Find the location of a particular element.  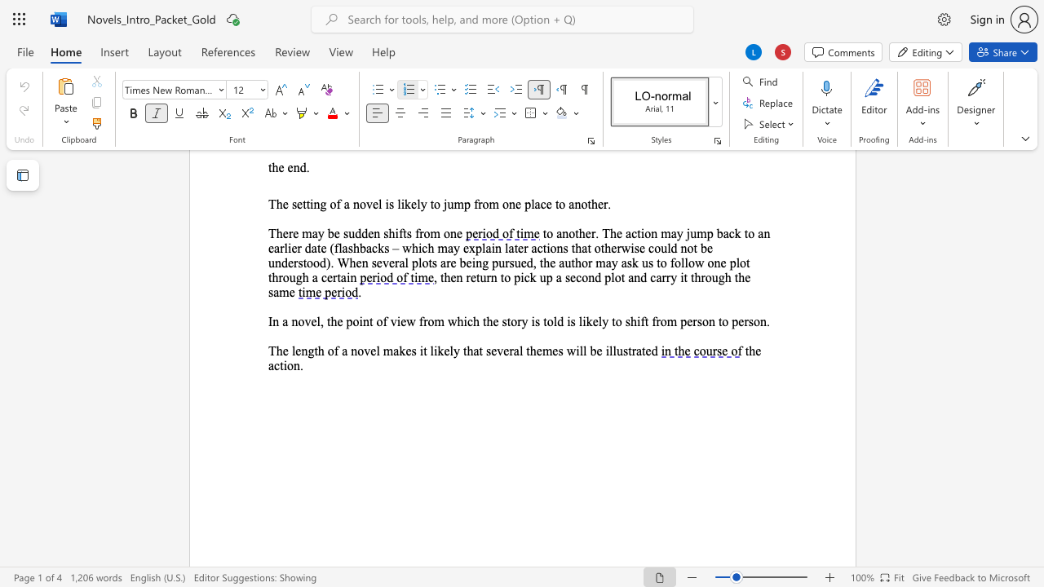

the 1th character "i" in the text is located at coordinates (285, 364).